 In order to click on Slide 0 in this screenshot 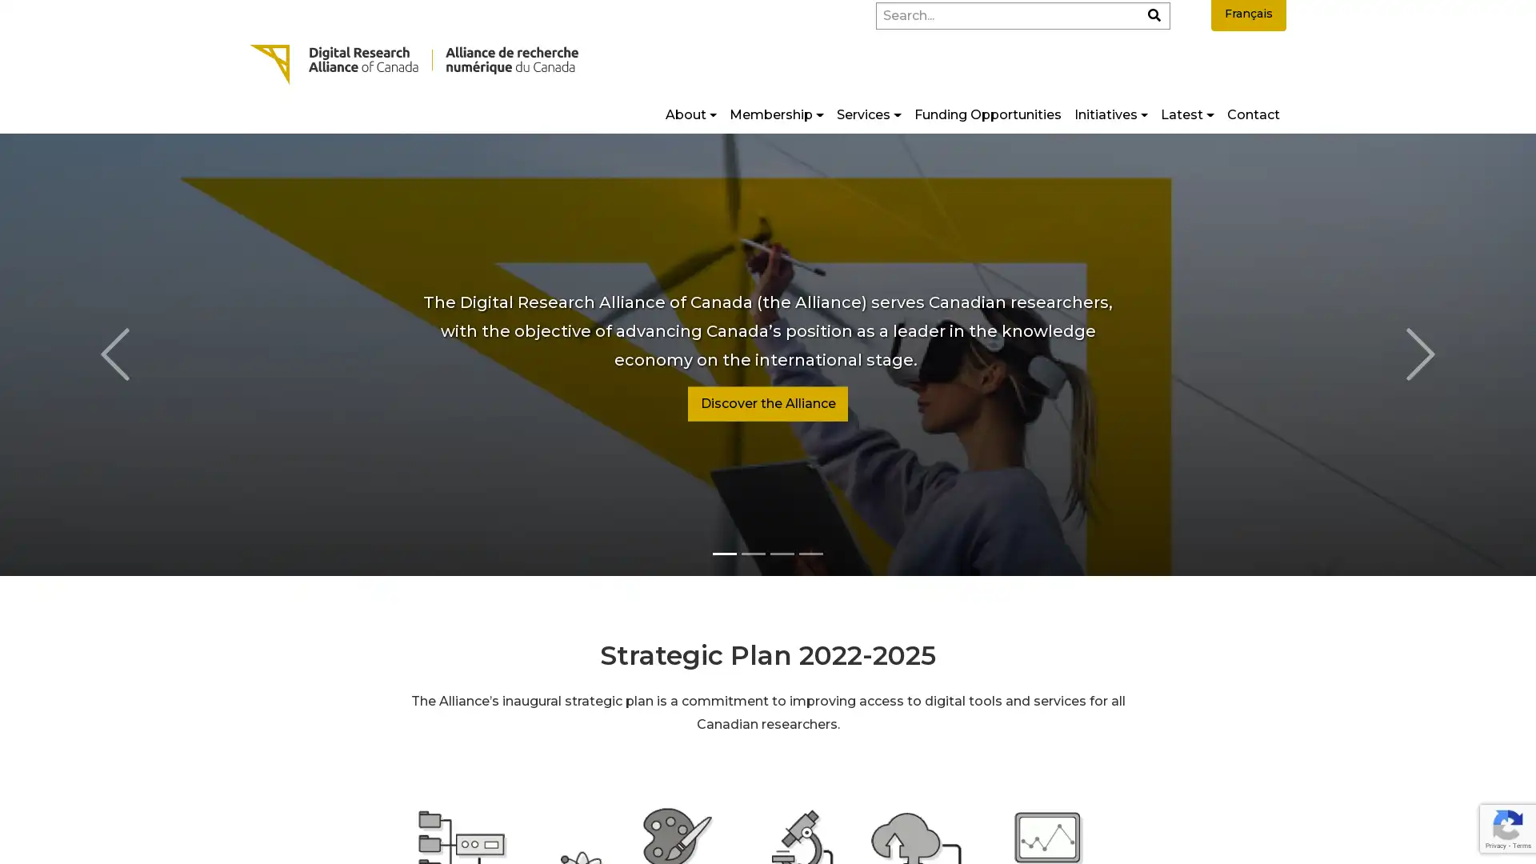, I will do `click(724, 552)`.